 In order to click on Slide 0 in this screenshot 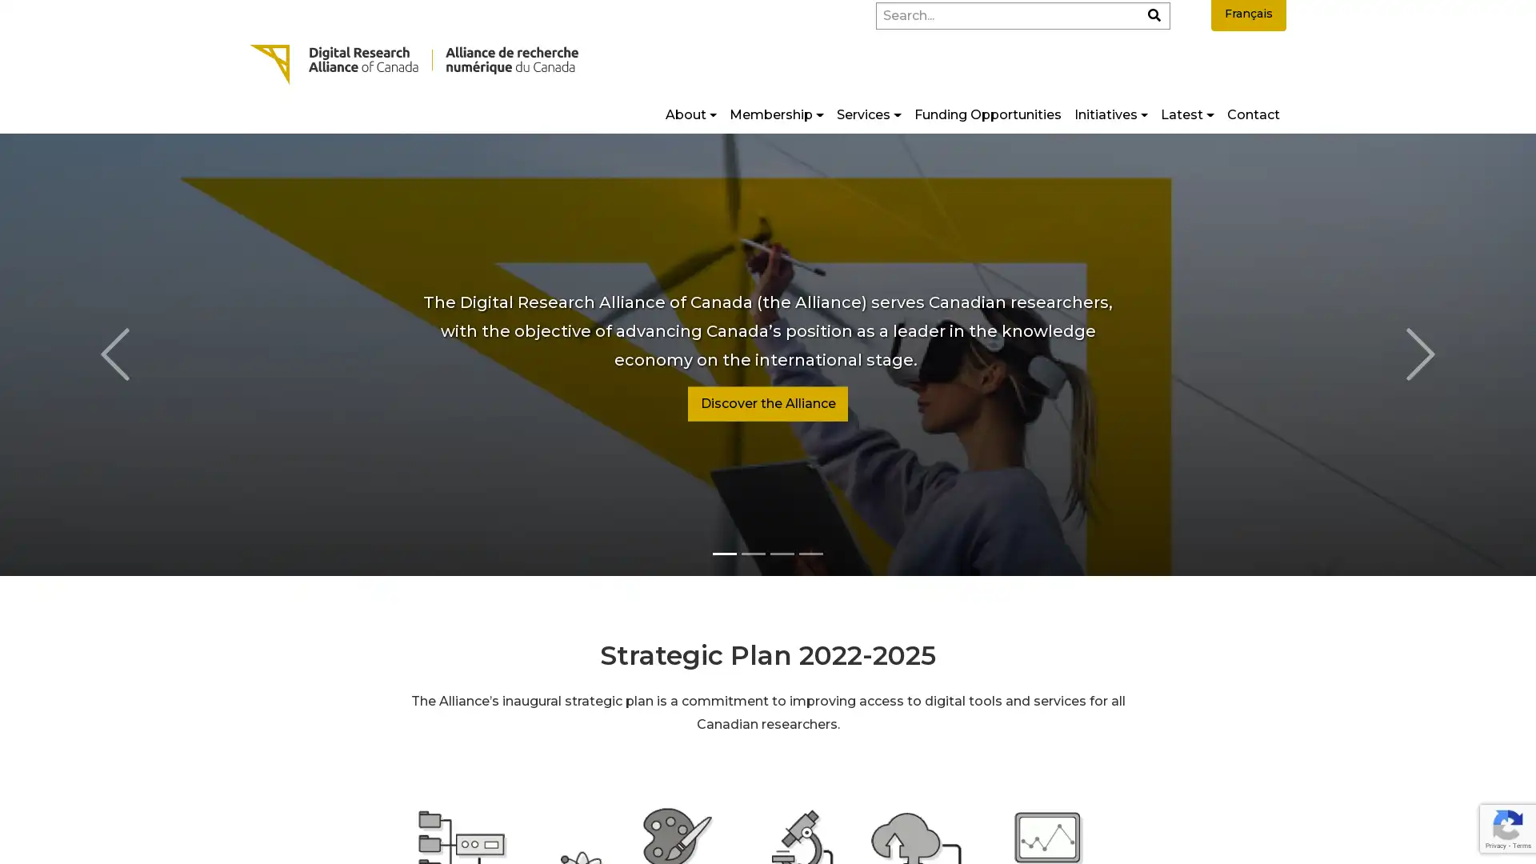, I will do `click(724, 552)`.